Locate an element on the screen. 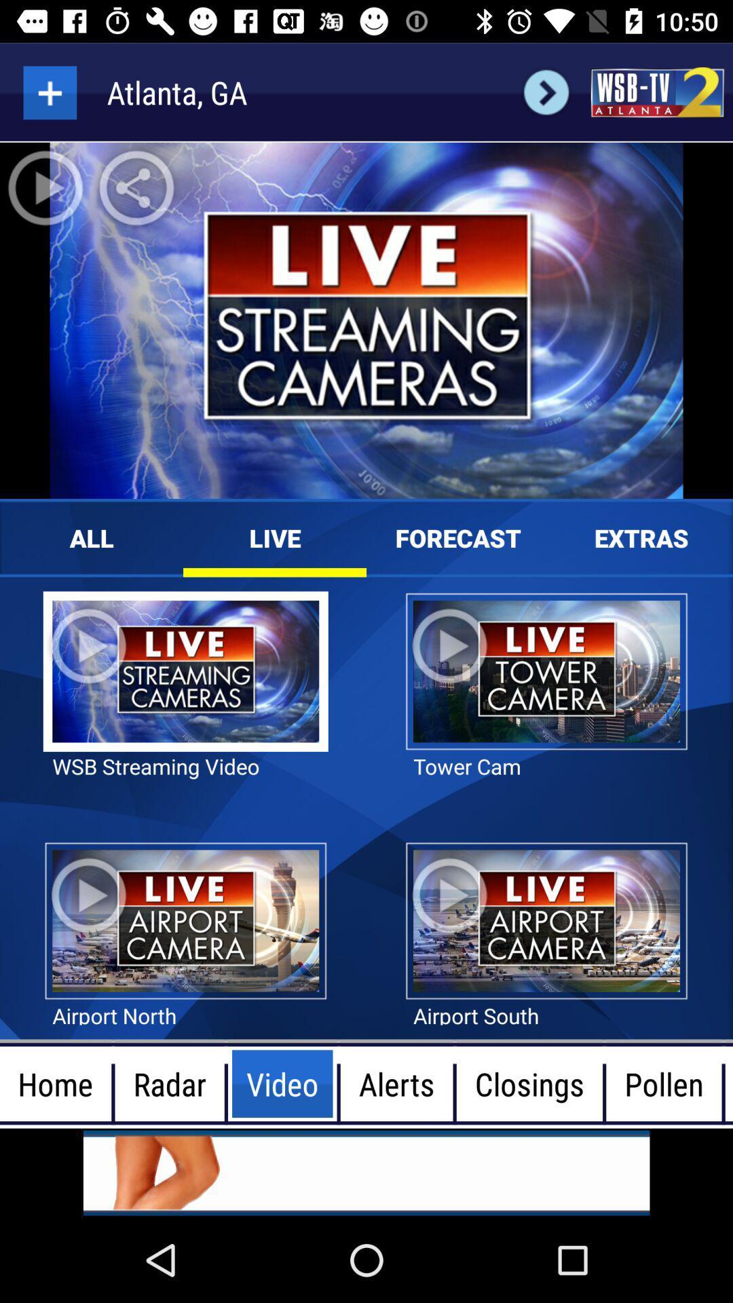 This screenshot has height=1303, width=733. advertisement is located at coordinates (366, 1172).